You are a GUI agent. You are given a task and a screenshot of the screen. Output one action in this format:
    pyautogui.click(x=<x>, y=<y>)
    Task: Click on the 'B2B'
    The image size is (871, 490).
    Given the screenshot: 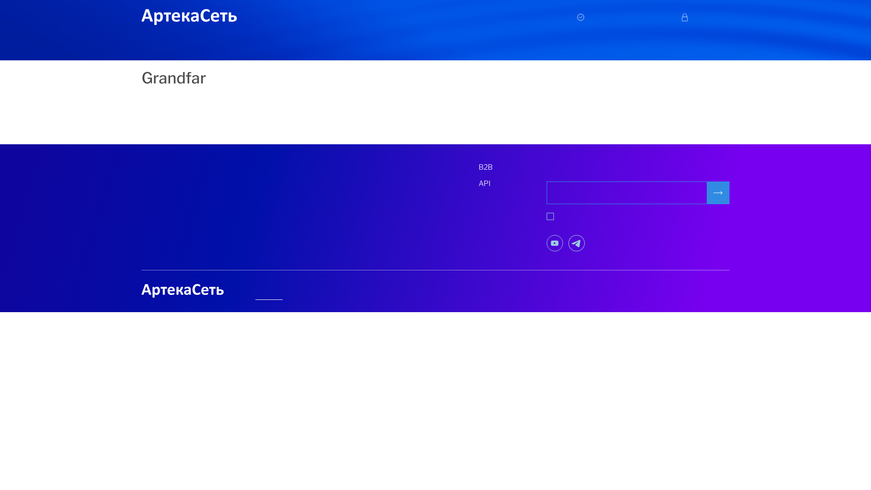 What is the action you would take?
    pyautogui.click(x=478, y=167)
    